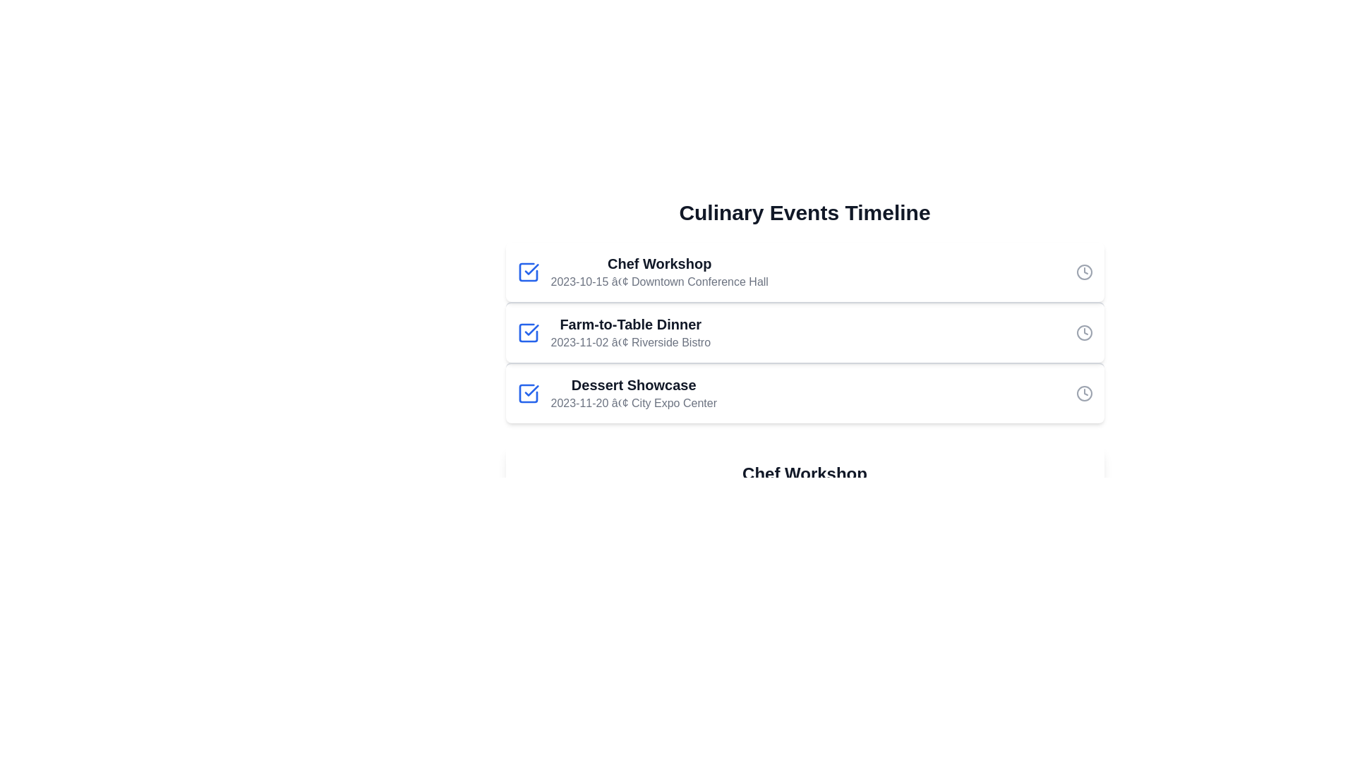 The height and width of the screenshot is (762, 1355). What do you see at coordinates (527, 272) in the screenshot?
I see `the first SVG icon indicating the selection or status of the 'Chef Workshop' event` at bounding box center [527, 272].